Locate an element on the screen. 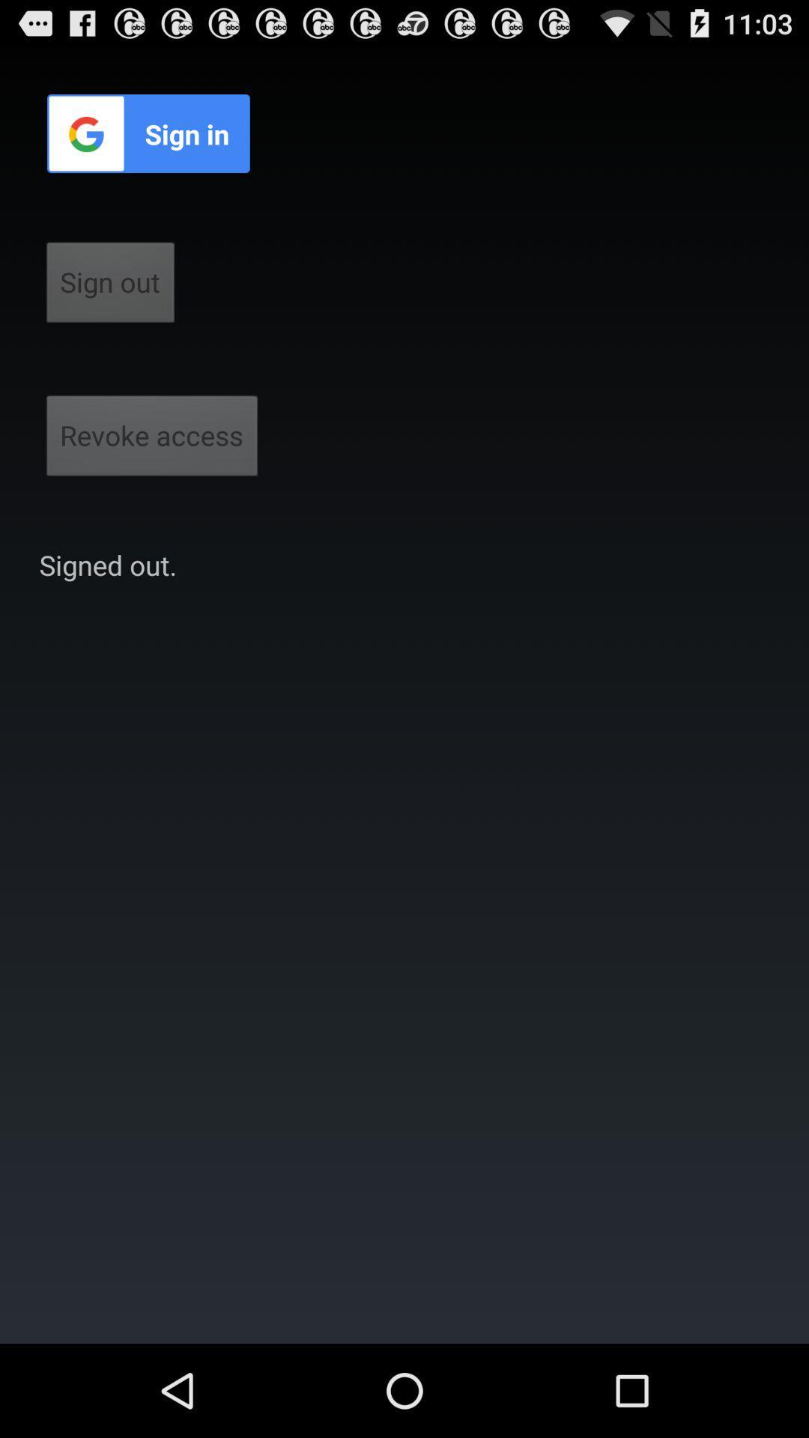 The width and height of the screenshot is (809, 1438). the app above the signed out. item is located at coordinates (152, 440).